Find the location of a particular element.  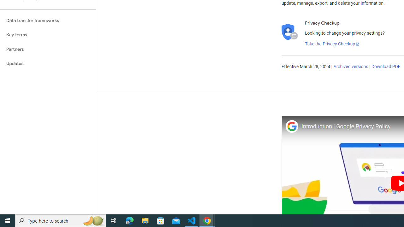

'Archived versions' is located at coordinates (350, 67).